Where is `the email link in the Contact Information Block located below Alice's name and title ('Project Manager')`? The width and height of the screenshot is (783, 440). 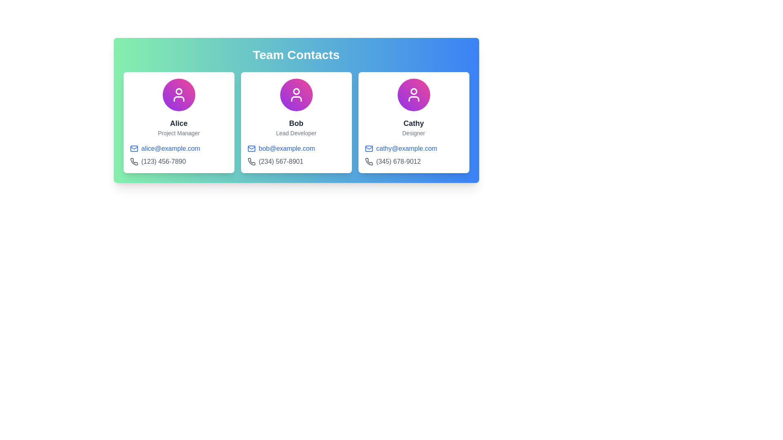 the email link in the Contact Information Block located below Alice's name and title ('Project Manager') is located at coordinates (178, 155).